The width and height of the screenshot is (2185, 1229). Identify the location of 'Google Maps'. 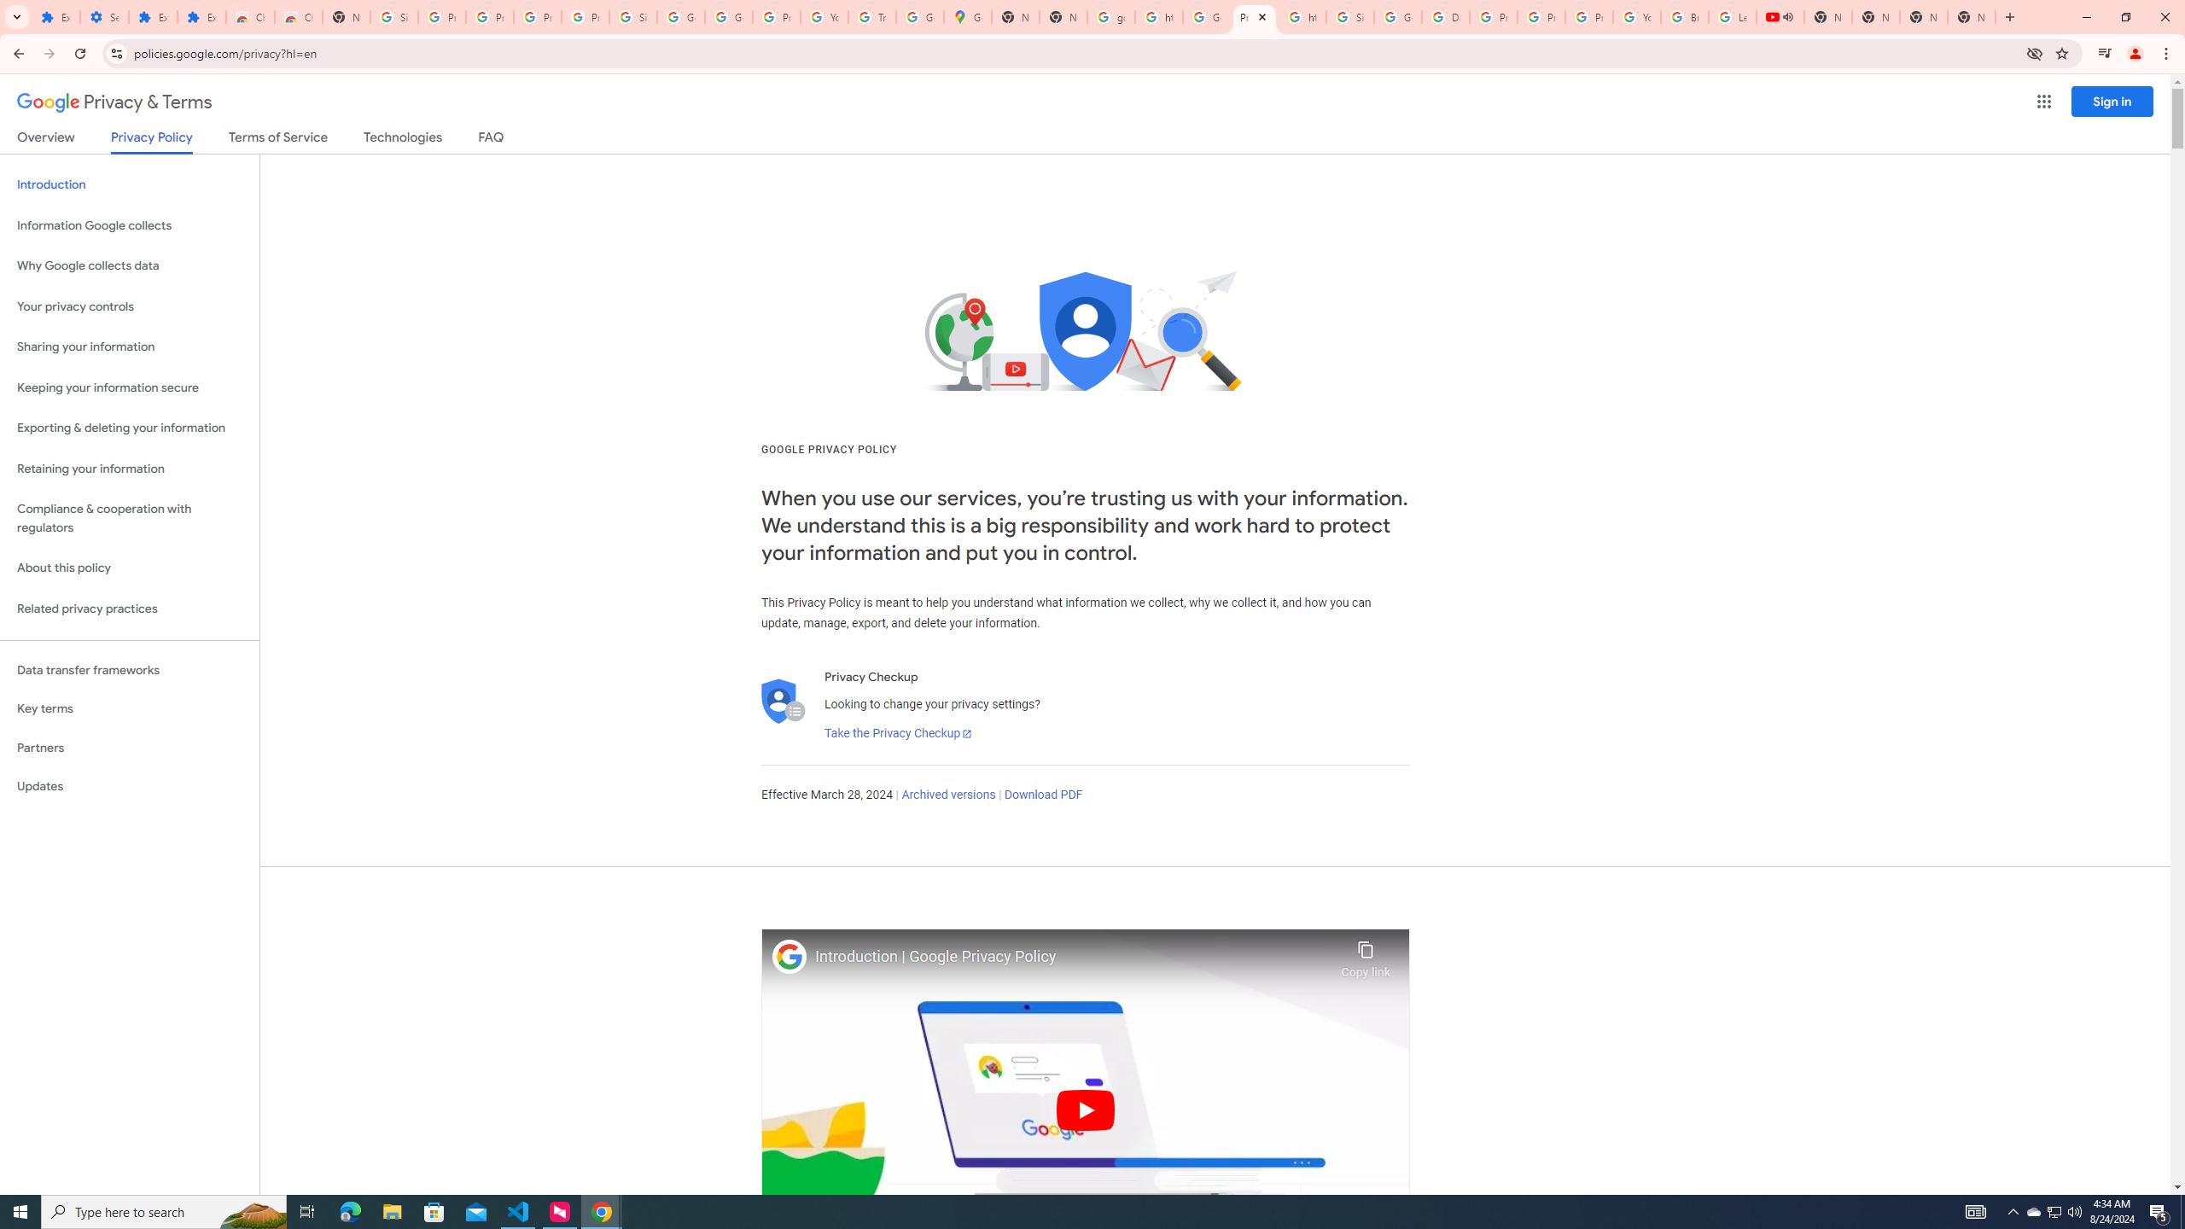
(967, 16).